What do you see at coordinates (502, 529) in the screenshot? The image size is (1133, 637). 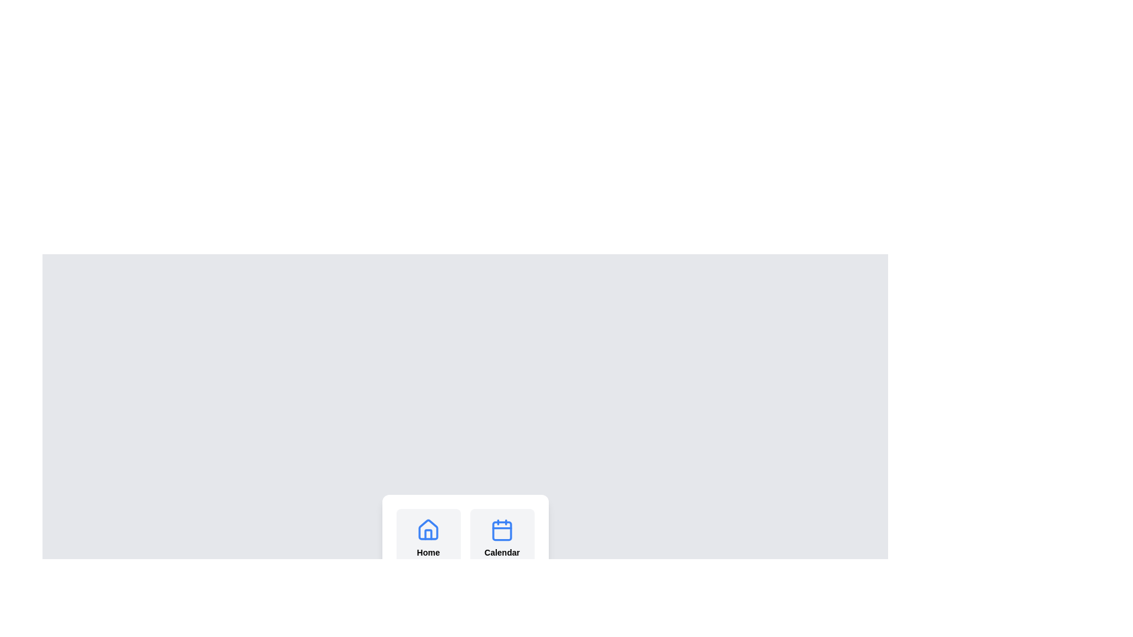 I see `the calendar icon with a blue outline and light-blue fill, located in the bottom-right section of the interface` at bounding box center [502, 529].